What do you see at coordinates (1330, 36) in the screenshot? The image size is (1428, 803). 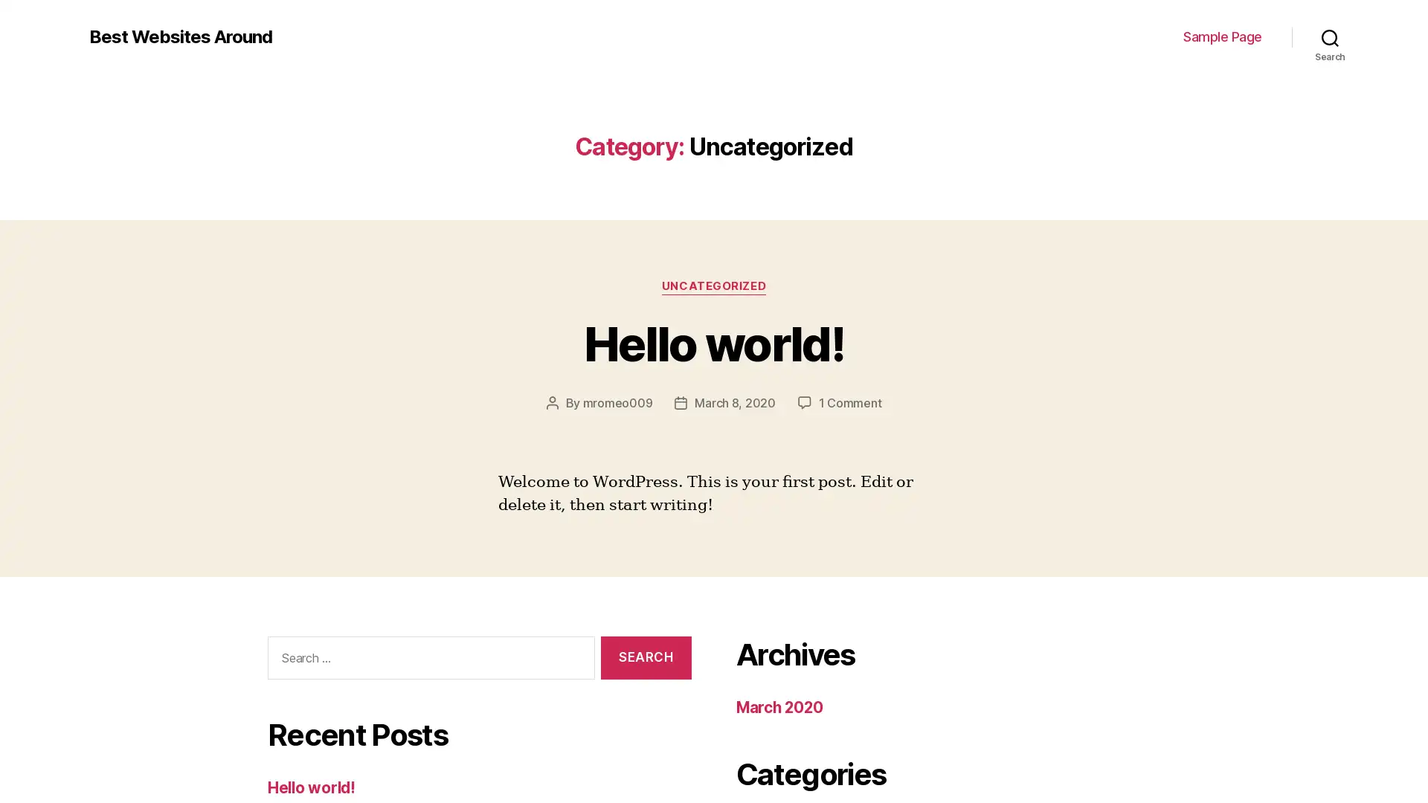 I see `Search` at bounding box center [1330, 36].